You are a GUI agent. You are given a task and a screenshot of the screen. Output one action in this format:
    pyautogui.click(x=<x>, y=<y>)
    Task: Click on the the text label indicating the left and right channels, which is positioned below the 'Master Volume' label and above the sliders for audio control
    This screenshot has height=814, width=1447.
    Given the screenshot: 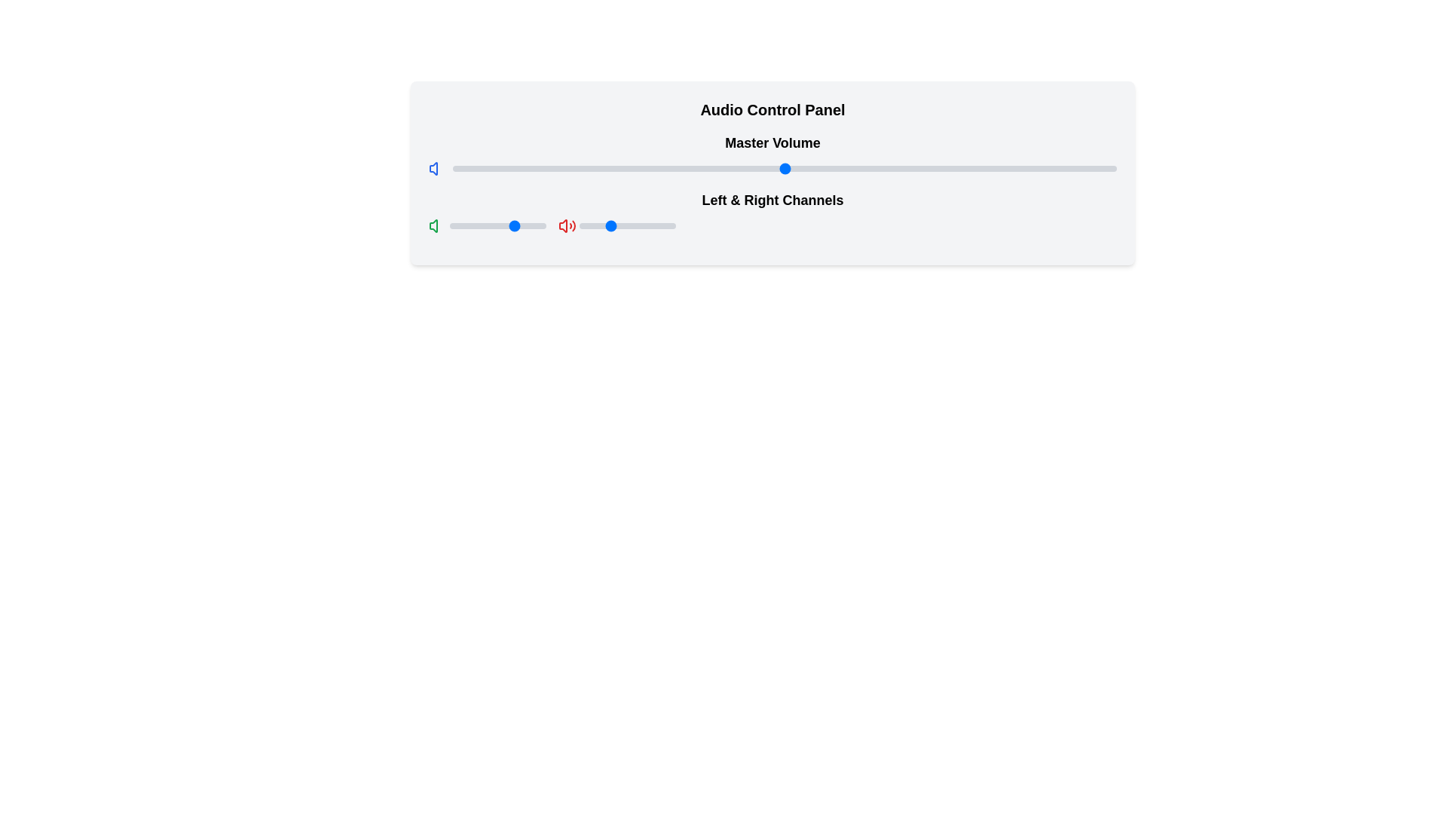 What is the action you would take?
    pyautogui.click(x=772, y=200)
    